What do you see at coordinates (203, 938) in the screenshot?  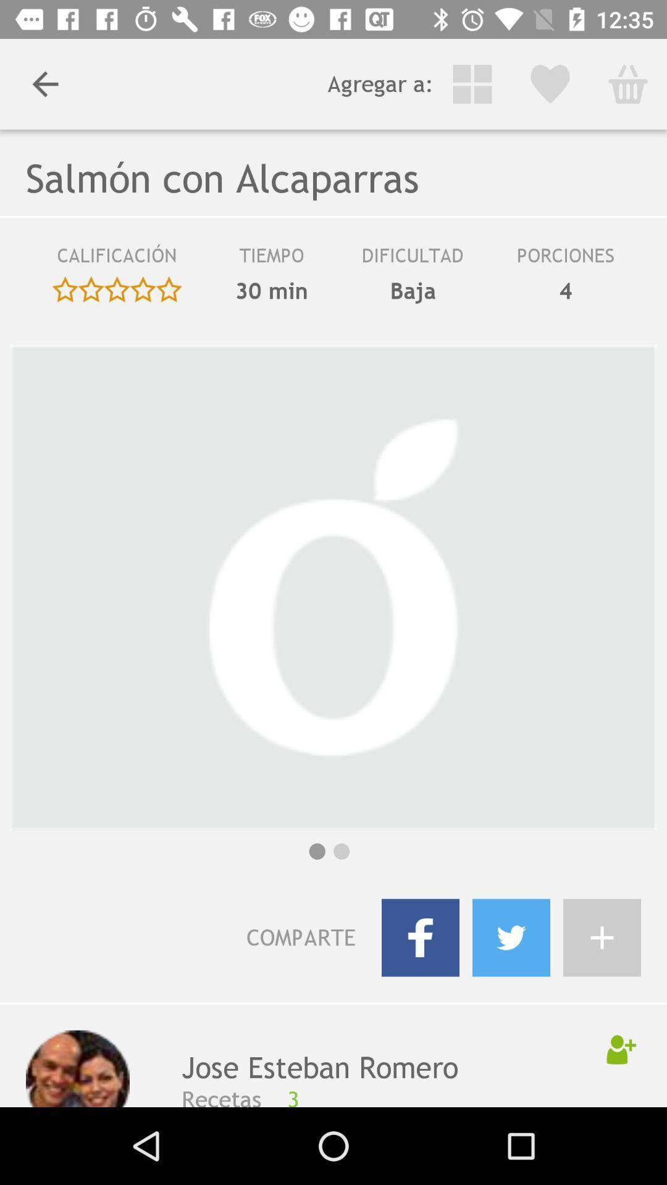 I see `comparte icon` at bounding box center [203, 938].